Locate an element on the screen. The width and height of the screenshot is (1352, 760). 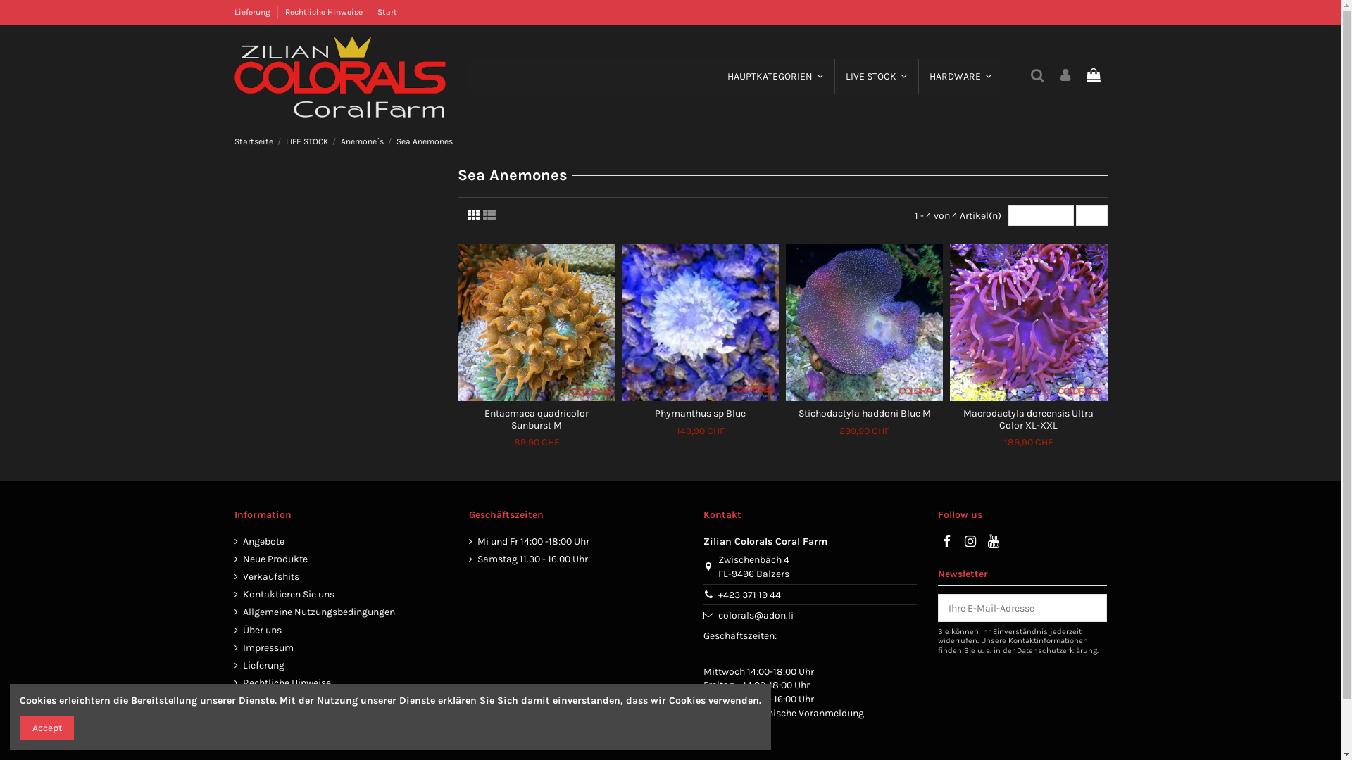
'Rechtliche Hinweise' is located at coordinates (233, 683).